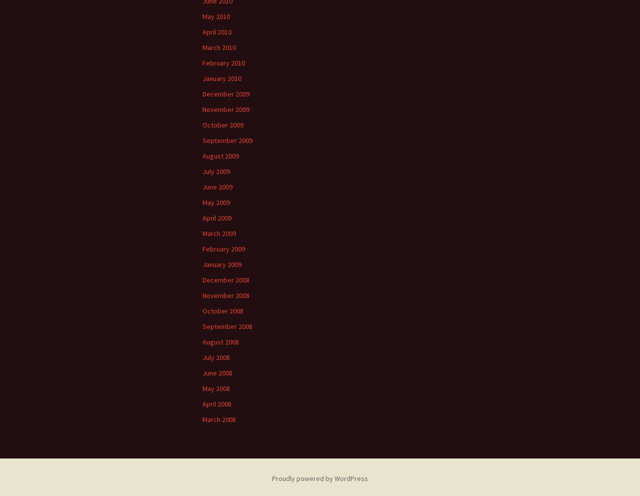 Image resolution: width=640 pixels, height=496 pixels. What do you see at coordinates (218, 419) in the screenshot?
I see `'March 2008'` at bounding box center [218, 419].